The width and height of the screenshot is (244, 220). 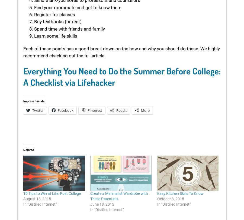 I want to click on 'Register for classes', so click(x=34, y=14).